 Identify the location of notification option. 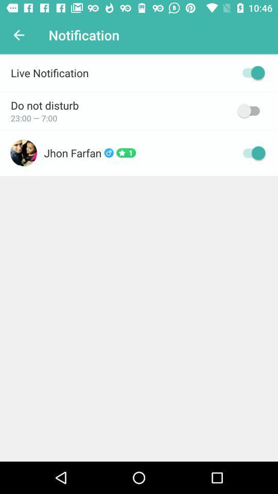
(250, 72).